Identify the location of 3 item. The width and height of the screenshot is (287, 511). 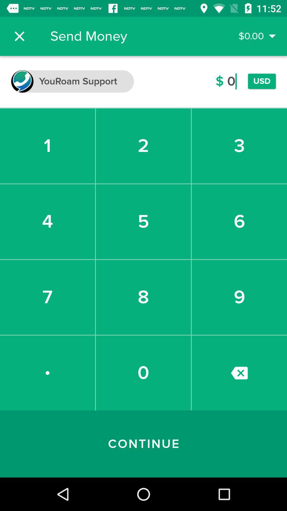
(239, 146).